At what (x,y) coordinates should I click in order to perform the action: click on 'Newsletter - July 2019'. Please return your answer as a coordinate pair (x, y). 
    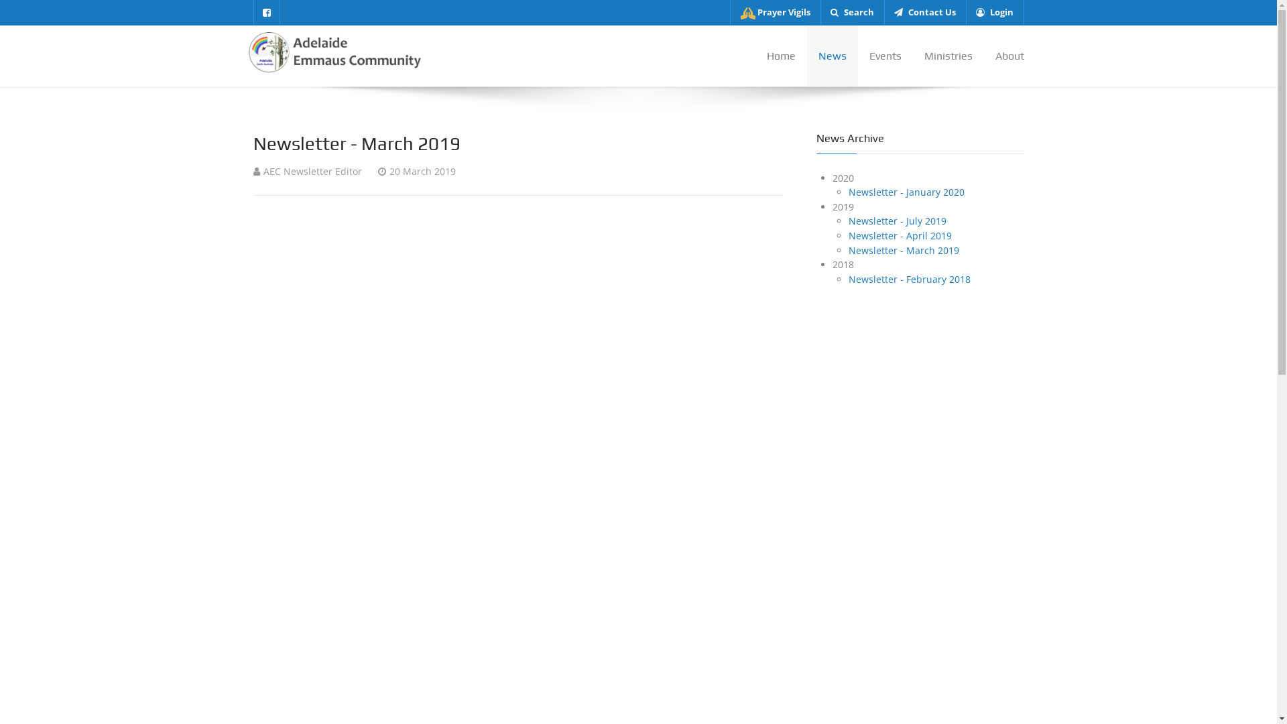
    Looking at the image, I should click on (898, 220).